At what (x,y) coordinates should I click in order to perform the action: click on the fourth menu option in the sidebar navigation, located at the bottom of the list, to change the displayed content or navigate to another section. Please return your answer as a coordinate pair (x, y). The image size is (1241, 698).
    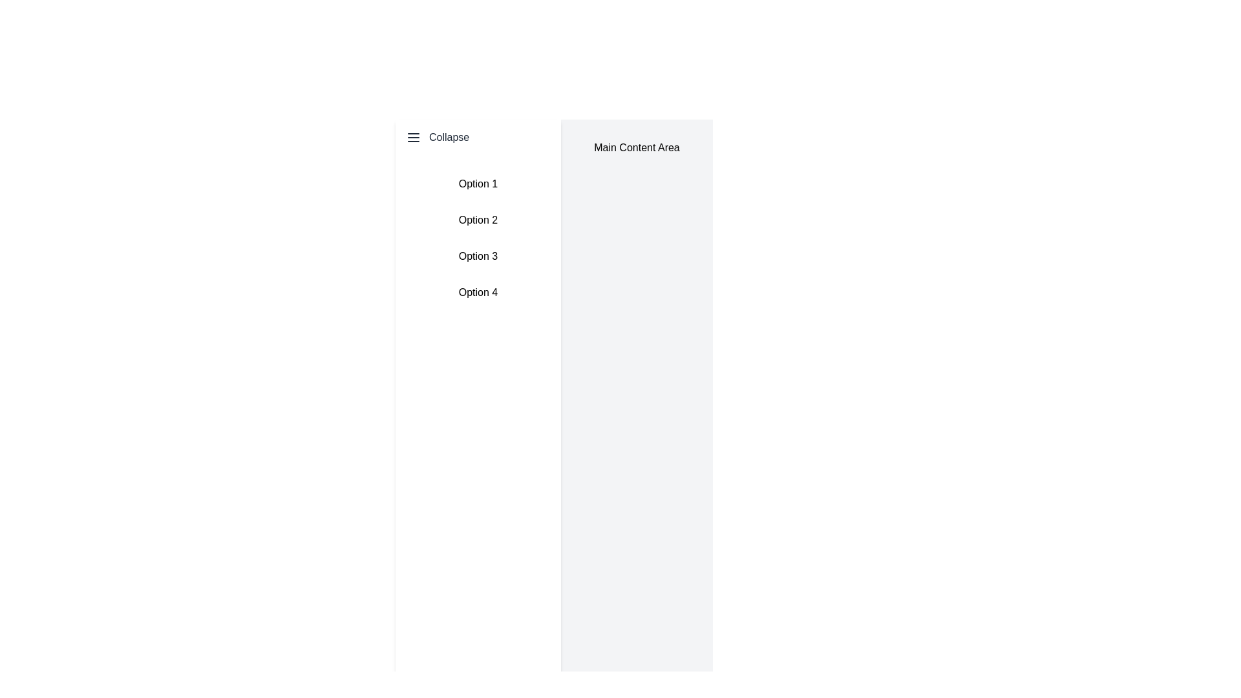
    Looking at the image, I should click on (477, 292).